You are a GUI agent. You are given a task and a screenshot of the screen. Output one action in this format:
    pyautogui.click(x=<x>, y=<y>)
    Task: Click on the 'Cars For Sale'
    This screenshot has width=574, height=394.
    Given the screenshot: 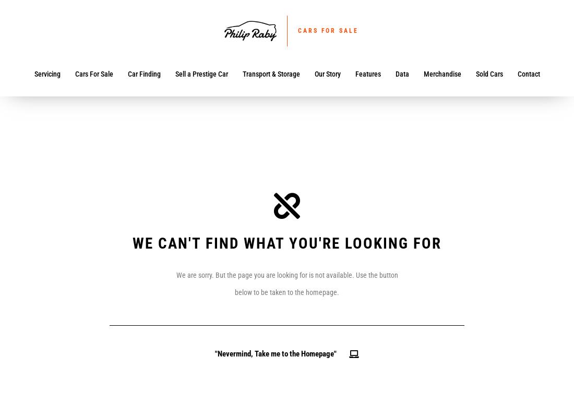 What is the action you would take?
    pyautogui.click(x=74, y=73)
    